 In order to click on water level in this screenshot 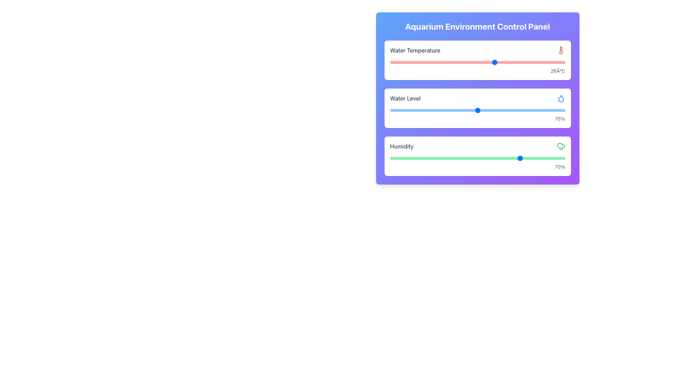, I will do `click(491, 110)`.